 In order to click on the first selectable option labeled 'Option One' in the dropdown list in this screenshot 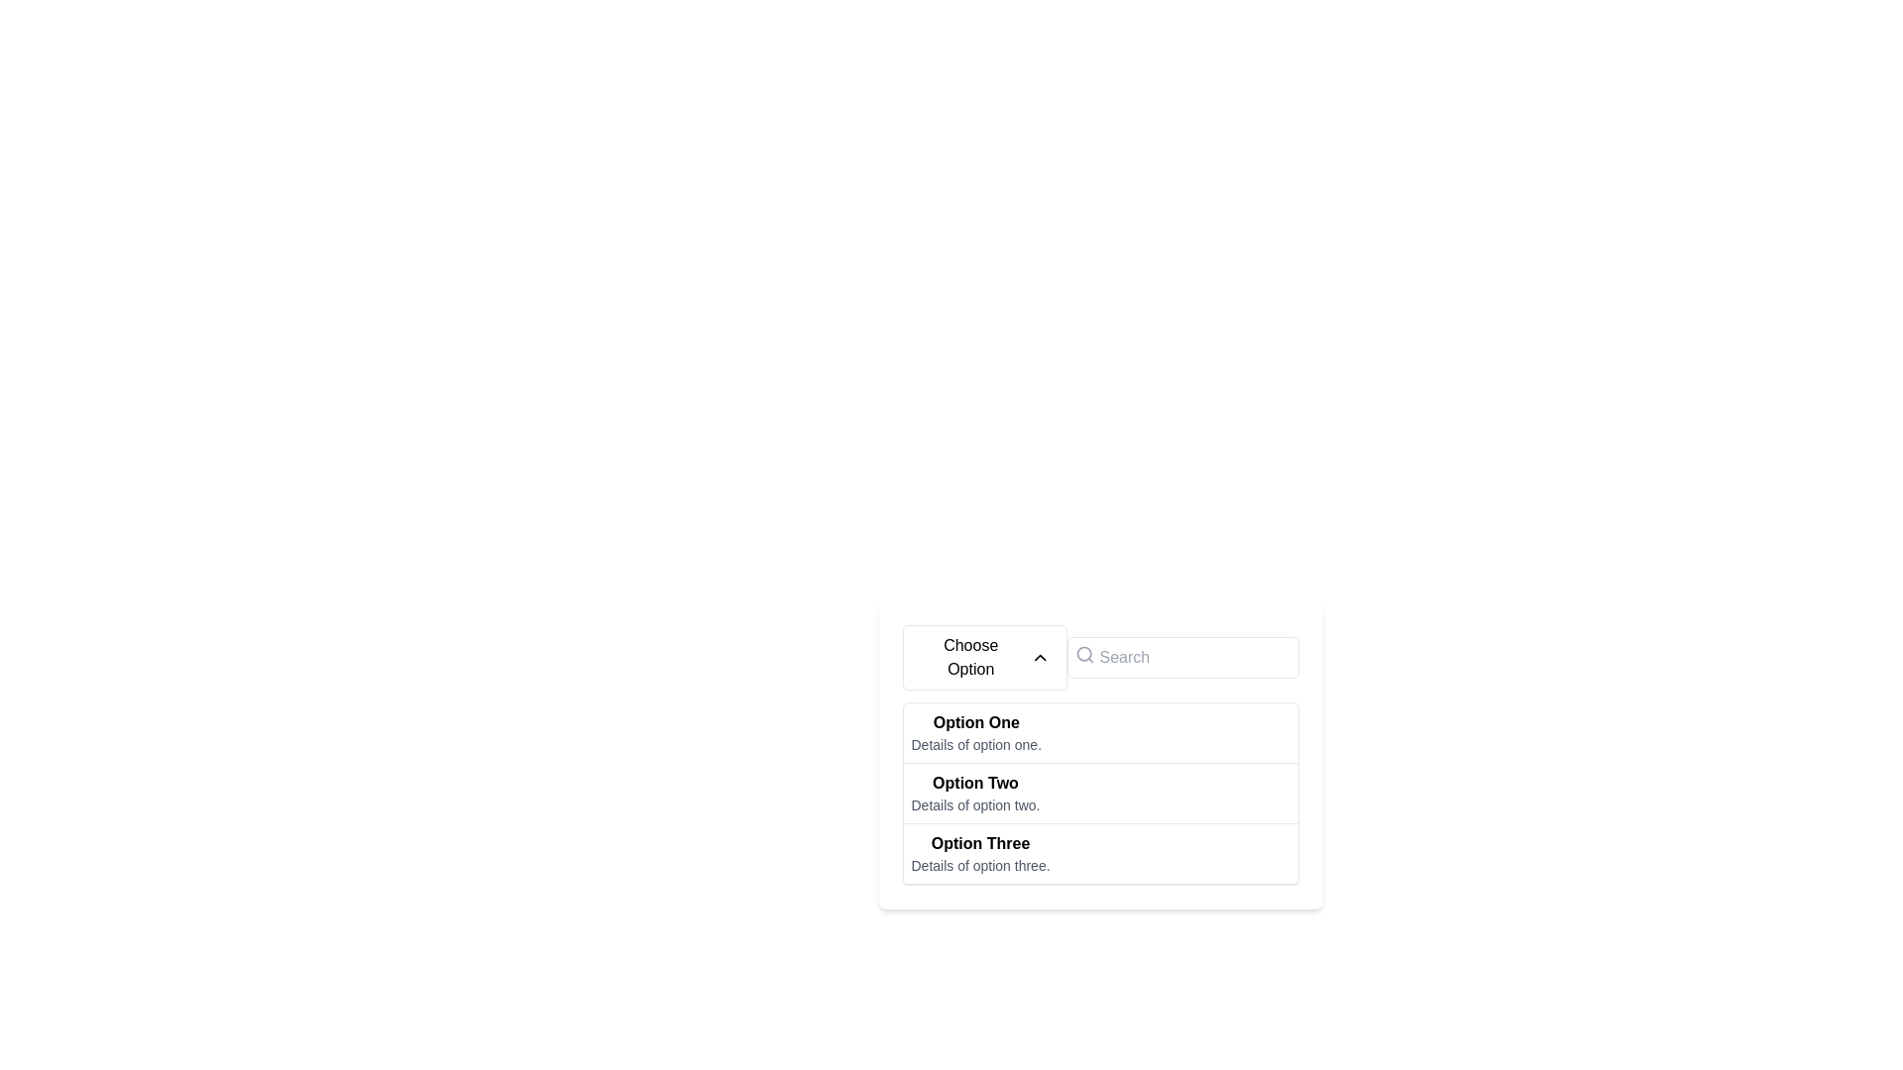, I will do `click(1099, 733)`.